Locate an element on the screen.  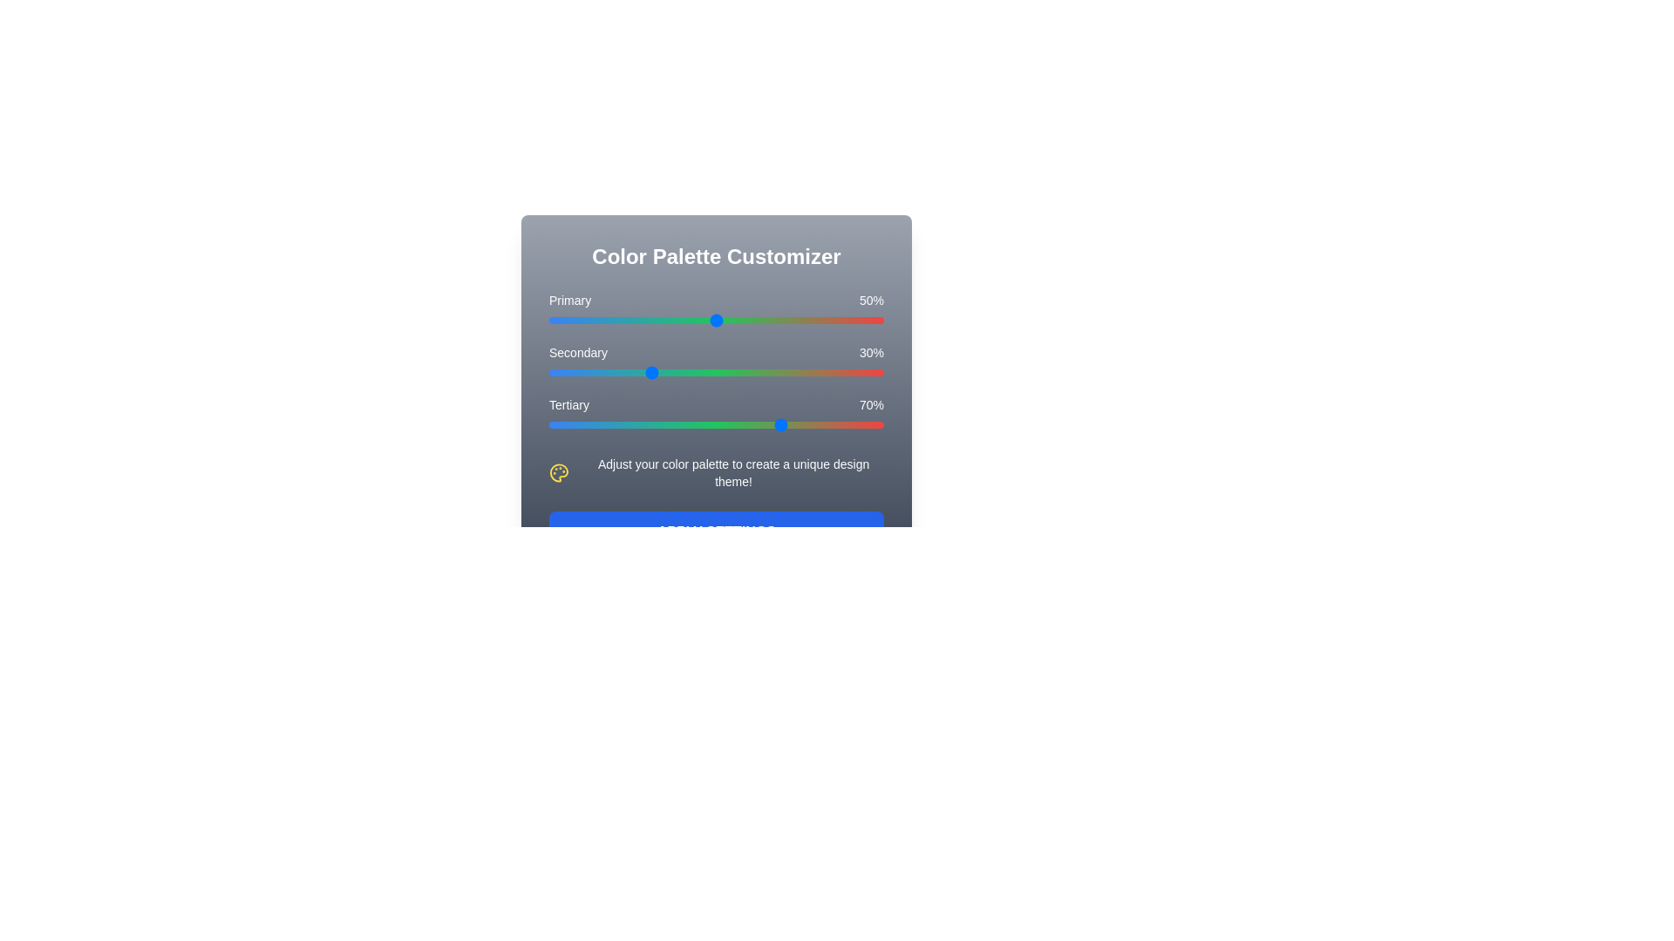
the primary color intensity is located at coordinates (649, 320).